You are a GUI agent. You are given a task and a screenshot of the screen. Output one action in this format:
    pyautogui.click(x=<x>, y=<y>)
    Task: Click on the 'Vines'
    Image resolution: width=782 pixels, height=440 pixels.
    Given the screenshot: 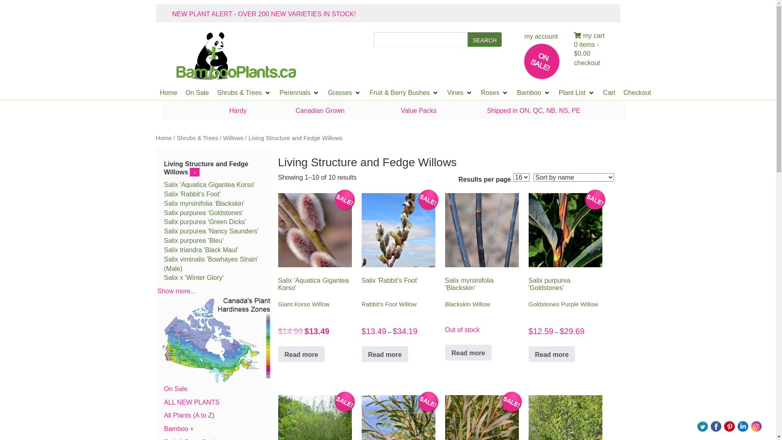 What is the action you would take?
    pyautogui.click(x=447, y=92)
    